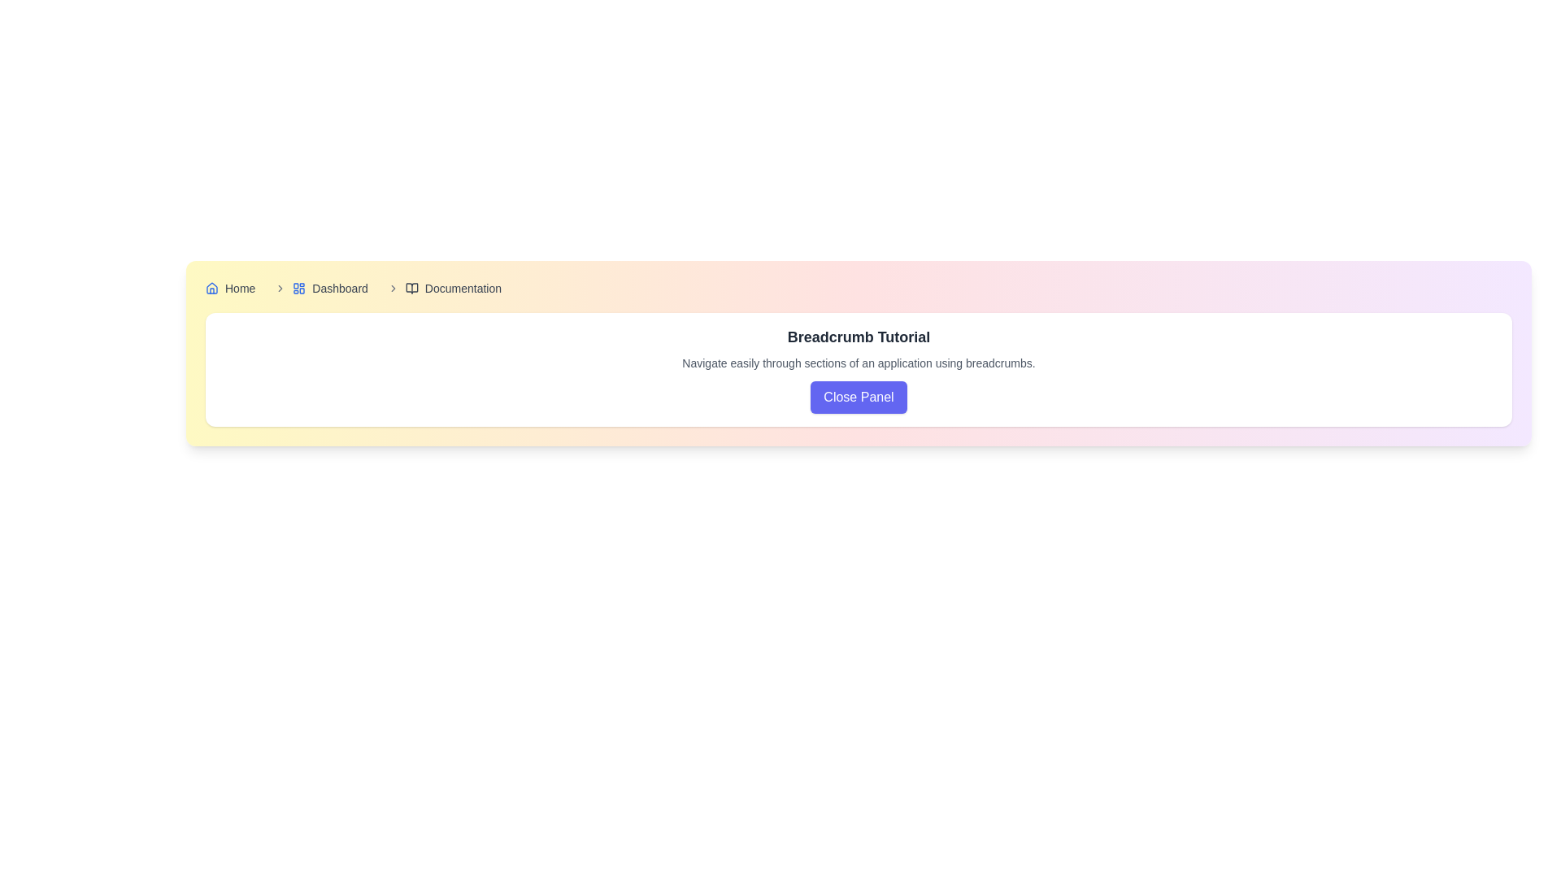 The image size is (1561, 878). Describe the element at coordinates (211, 287) in the screenshot. I see `the 'Home' icon in the breadcrumb navigation bar` at that location.